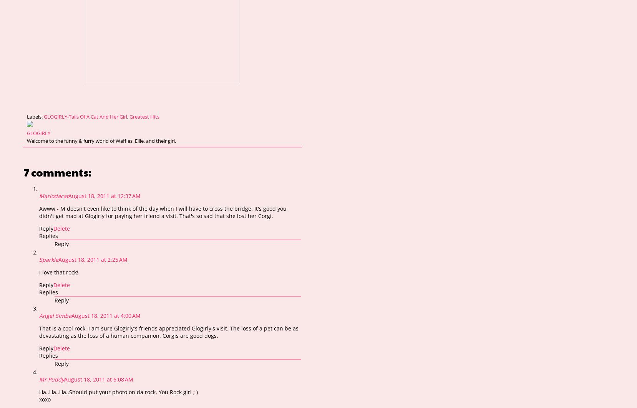  What do you see at coordinates (59, 271) in the screenshot?
I see `'I love that rock!'` at bounding box center [59, 271].